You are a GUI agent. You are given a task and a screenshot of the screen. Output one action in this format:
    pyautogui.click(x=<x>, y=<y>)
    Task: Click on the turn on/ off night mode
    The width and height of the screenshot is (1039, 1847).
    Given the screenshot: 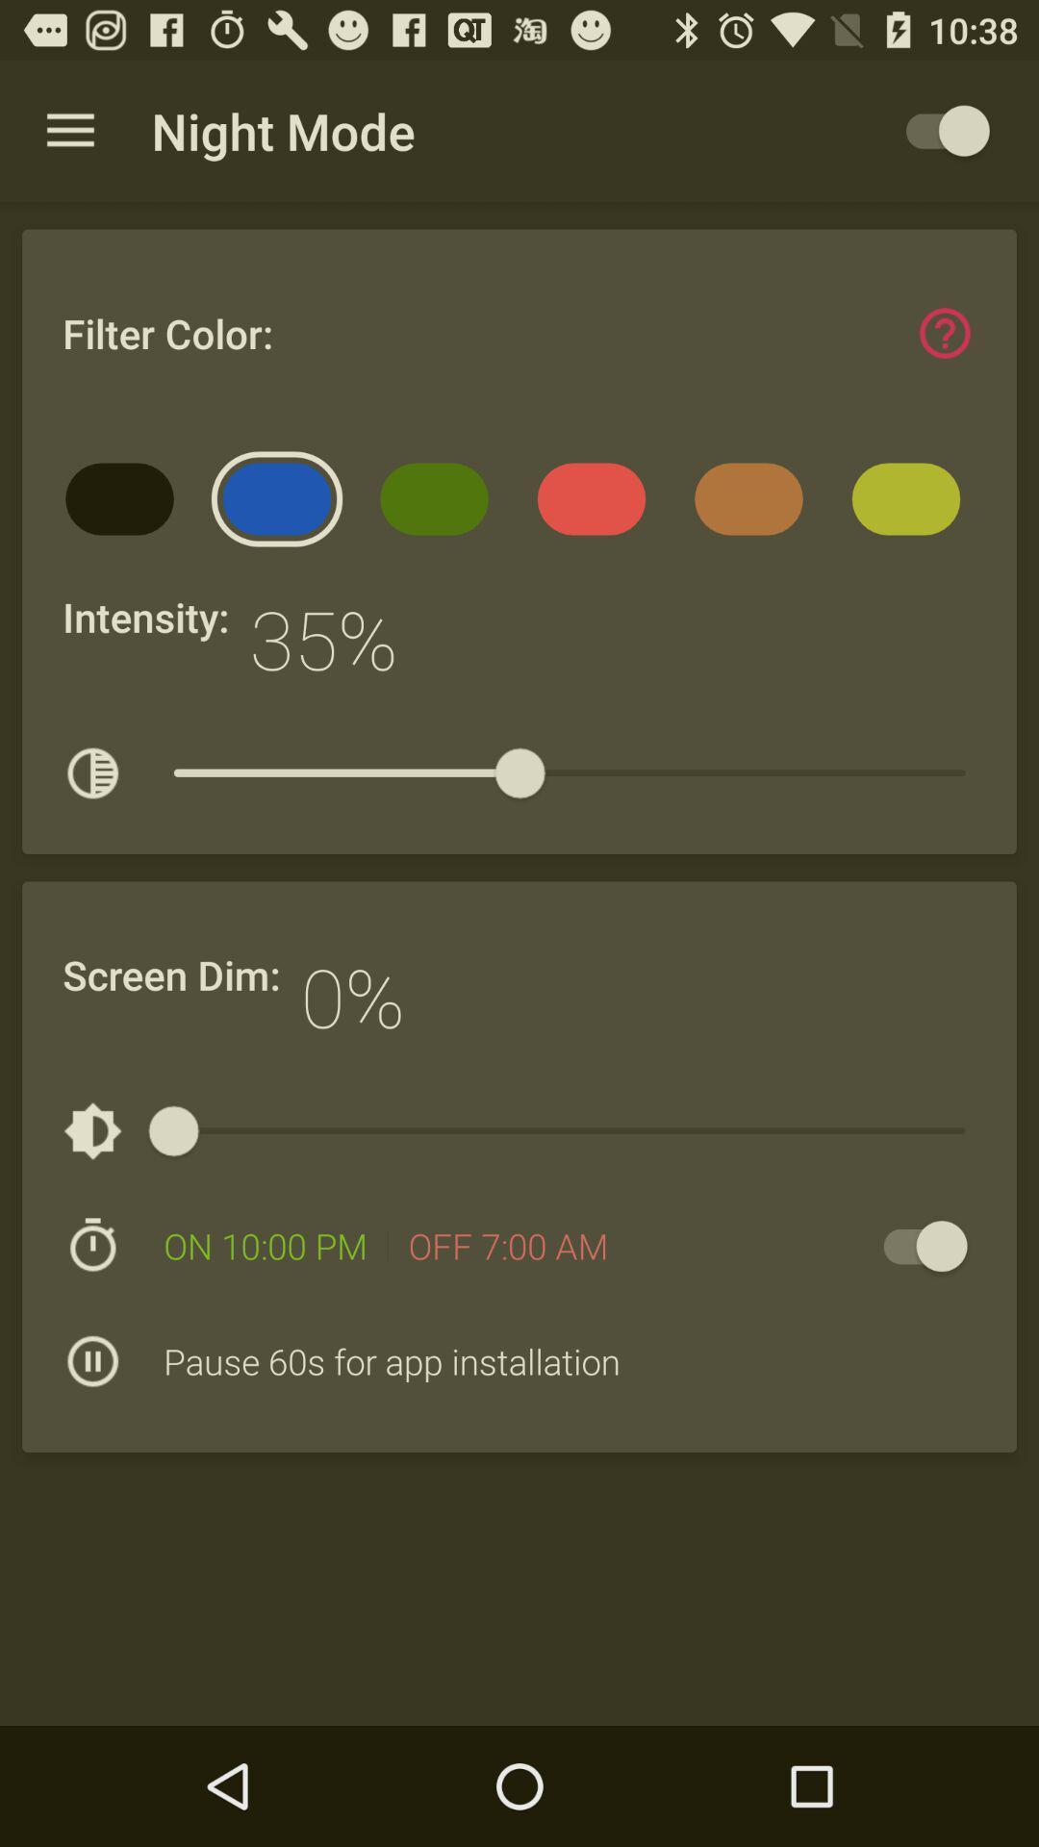 What is the action you would take?
    pyautogui.click(x=937, y=130)
    